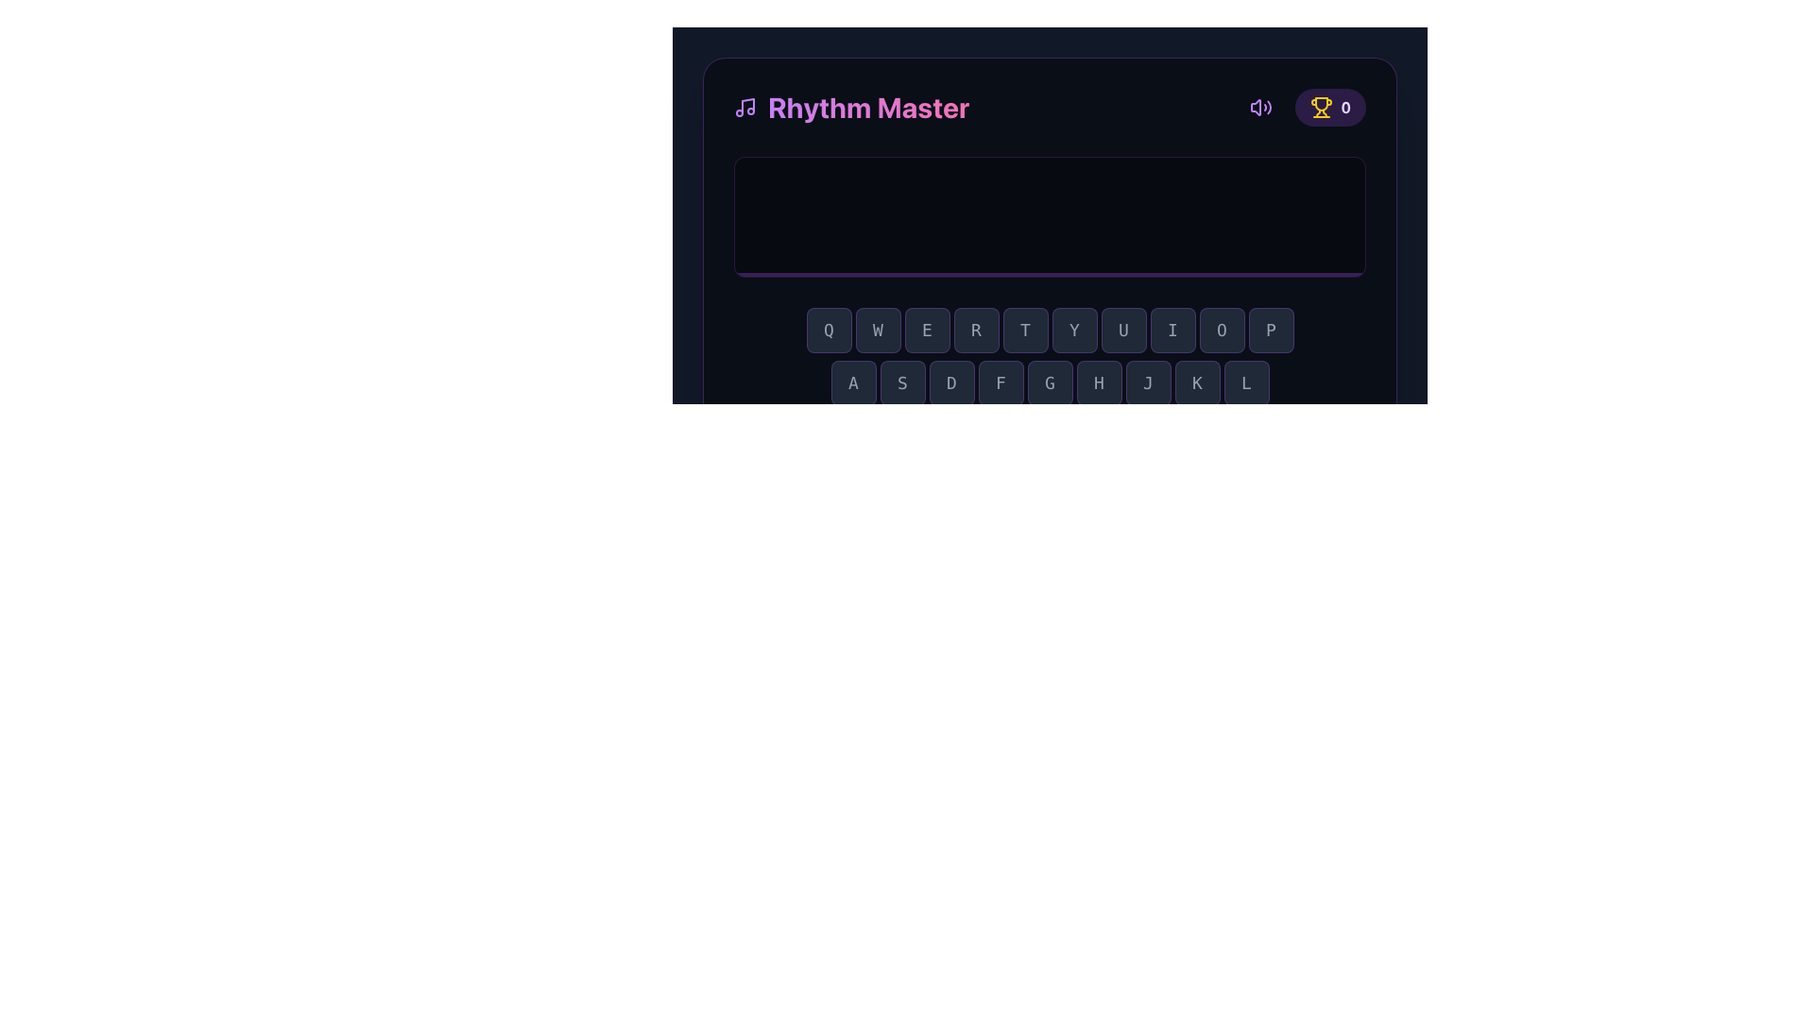 Image resolution: width=1814 pixels, height=1020 pixels. I want to click on the Decorative panel located below the title 'Rhythm Master' and above the keyboard layout, so click(1049, 216).